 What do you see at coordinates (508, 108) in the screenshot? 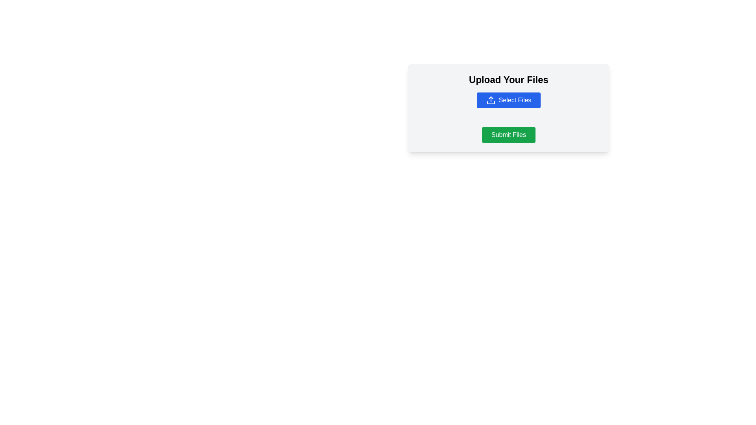
I see `the 'Upload Your Files' button, which initiates the file selection process when clicked` at bounding box center [508, 108].